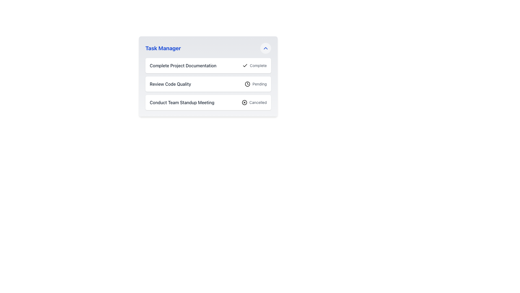 The width and height of the screenshot is (520, 293). Describe the element at coordinates (254, 103) in the screenshot. I see `status text from the Status label with icon that shows 'Cancelled' located at the bottom-right corner of the task 'Conduct Team Standup Meeting'` at that location.